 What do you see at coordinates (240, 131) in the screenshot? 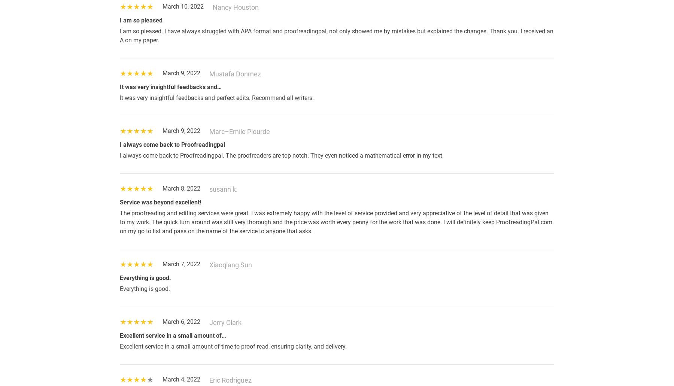
I see `'Marc–Emile Plourde'` at bounding box center [240, 131].